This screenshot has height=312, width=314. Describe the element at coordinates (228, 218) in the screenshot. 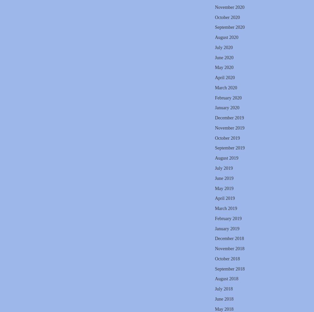

I see `'February 2019'` at that location.